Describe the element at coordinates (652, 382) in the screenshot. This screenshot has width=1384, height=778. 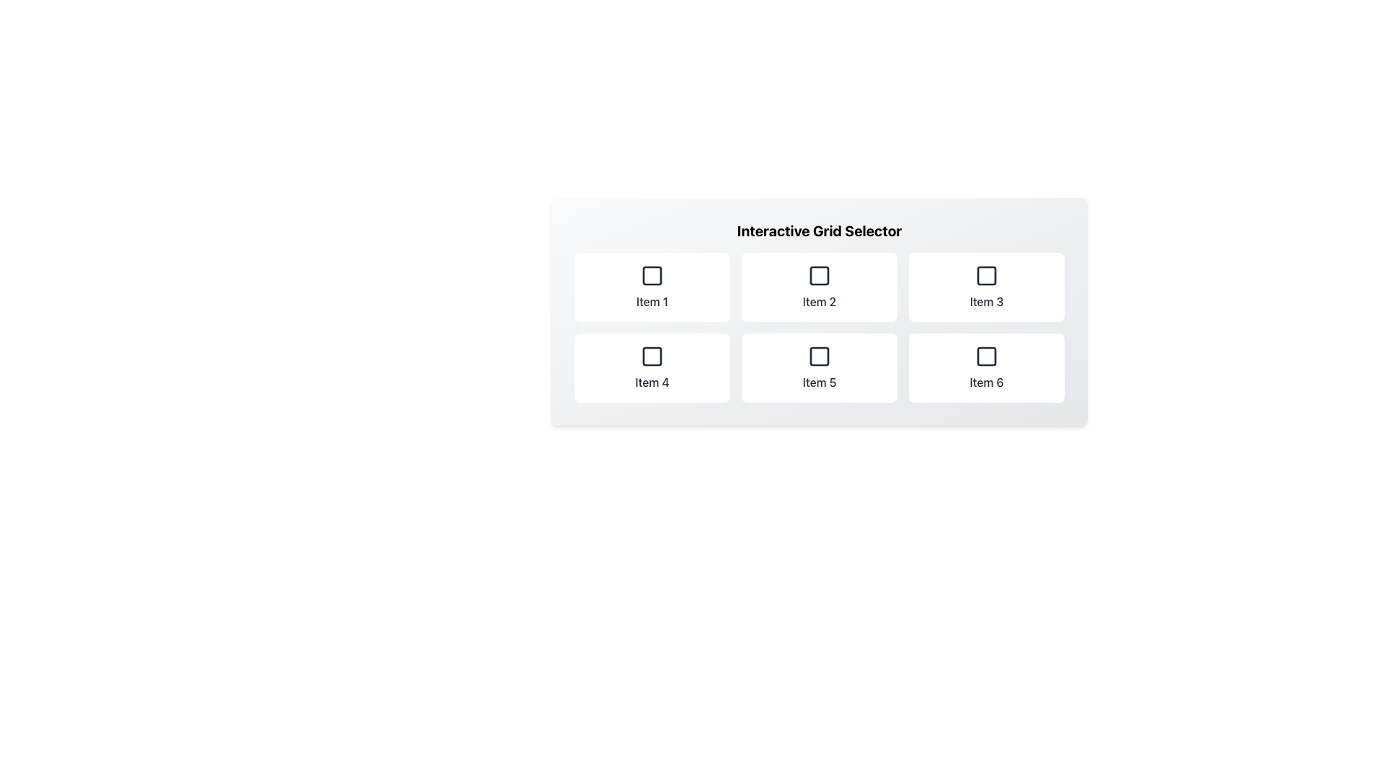
I see `the text label reading 'Item 4' located in the second row, first column of the grid layout for potential selection` at that location.